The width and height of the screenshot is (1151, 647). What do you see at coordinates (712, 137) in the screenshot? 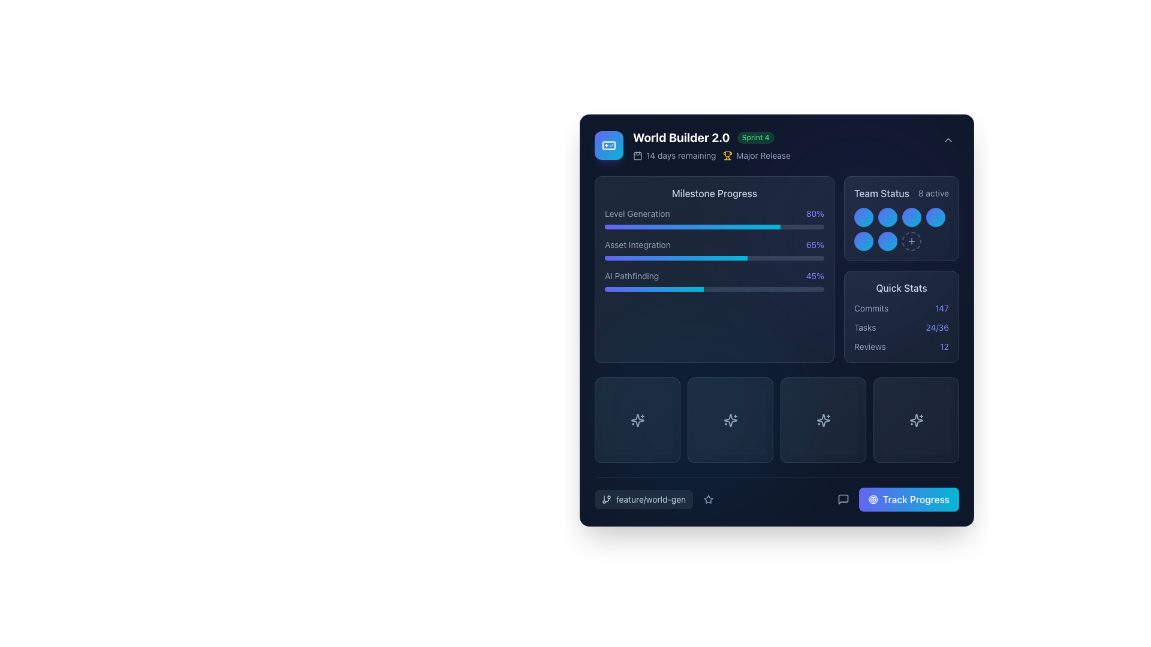
I see `text of the prominent Text label 'World Builder 2.0' with the adjacent badge 'Sprint 4' located in the top-left region of the interface` at bounding box center [712, 137].